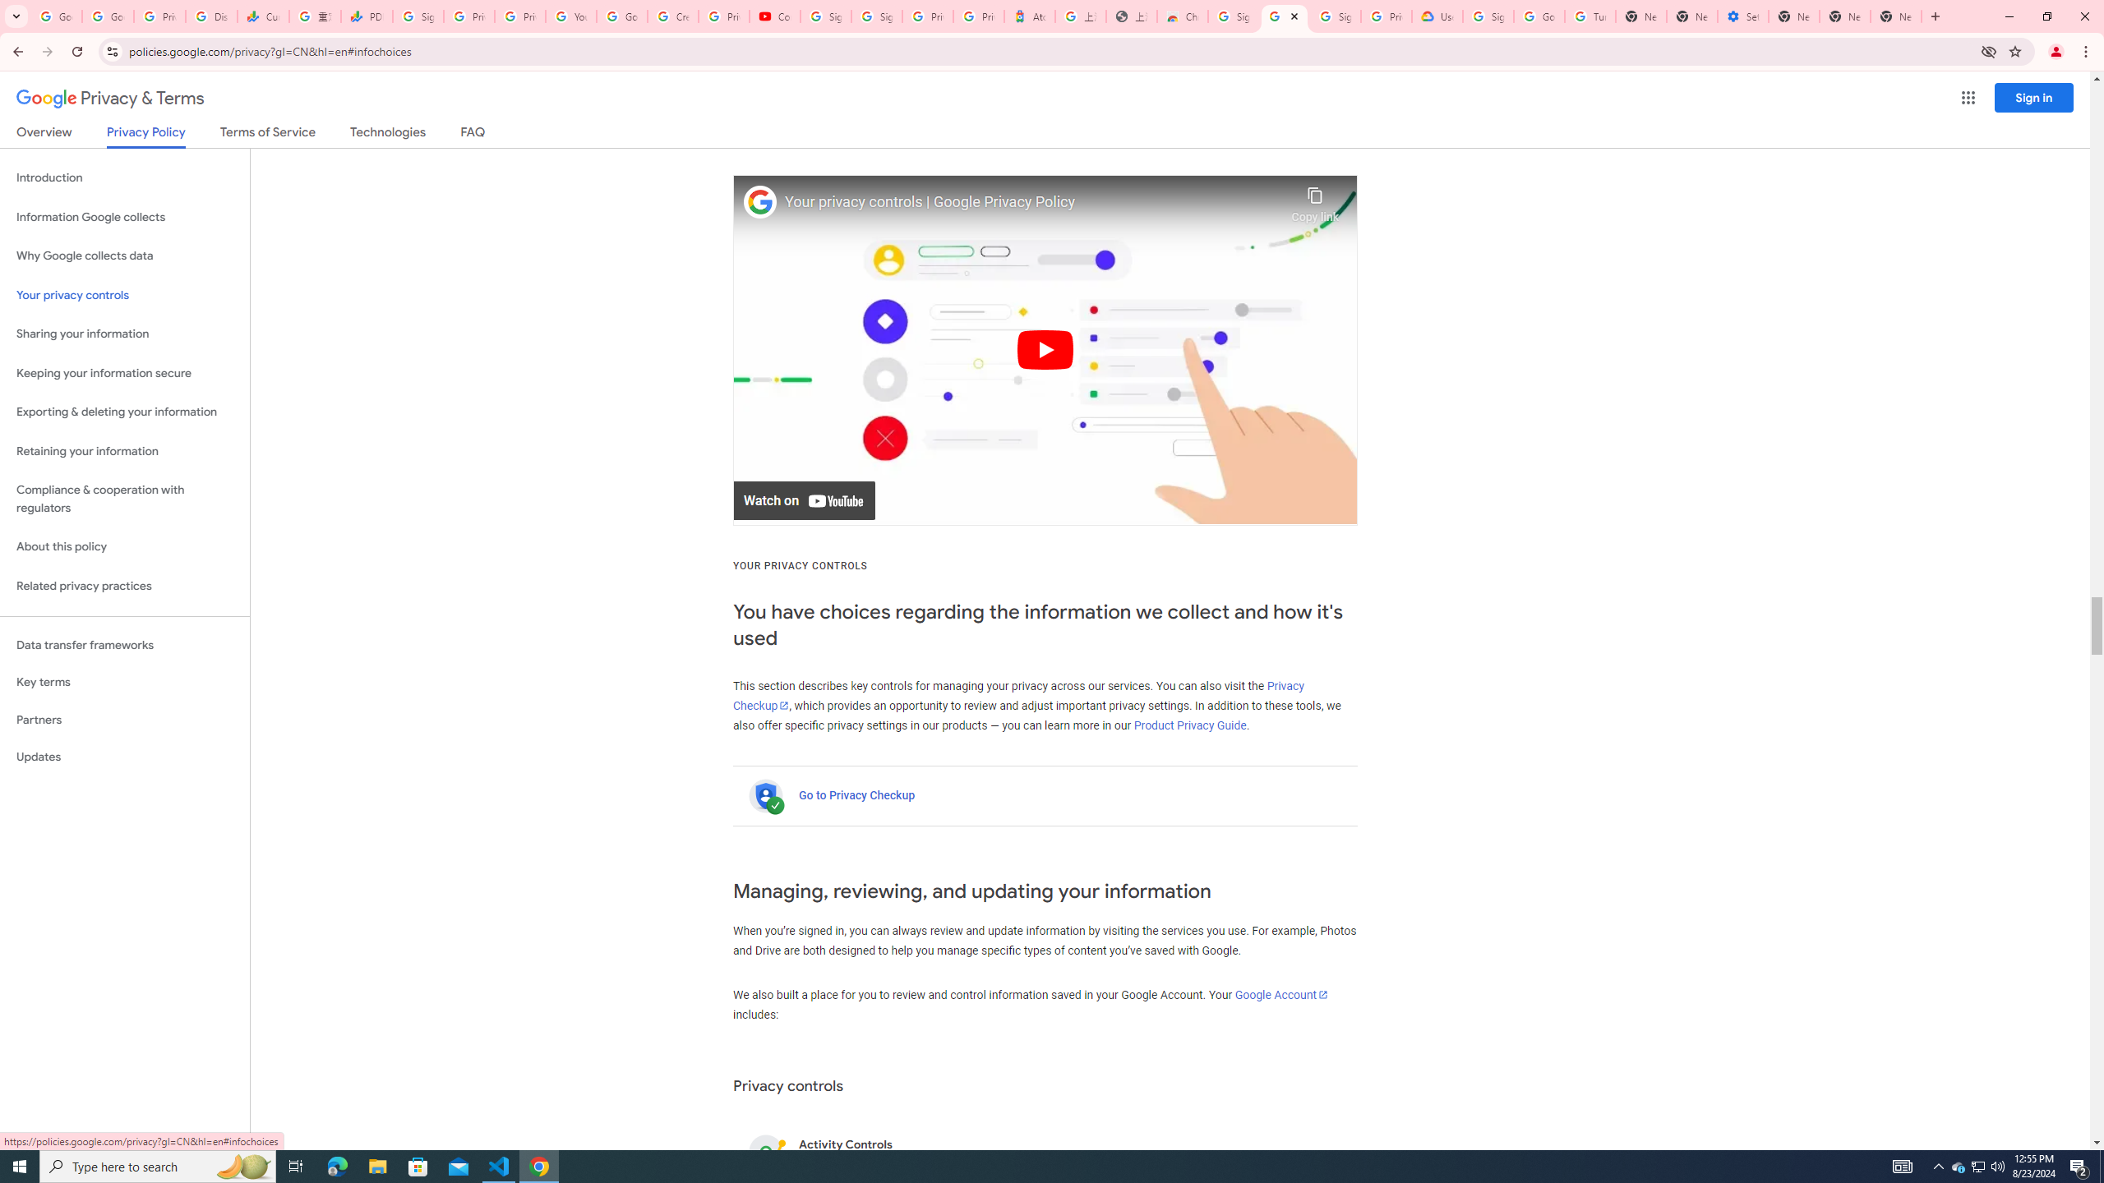  Describe the element at coordinates (366, 16) in the screenshot. I see `'PDD Holdings Inc - ADR (PDD) Price & News - Google Finance'` at that location.